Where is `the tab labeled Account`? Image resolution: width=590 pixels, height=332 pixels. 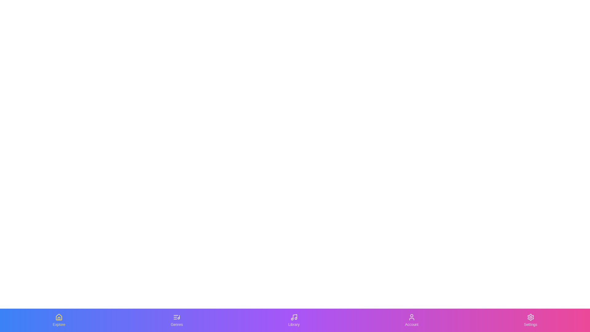 the tab labeled Account is located at coordinates (411, 320).